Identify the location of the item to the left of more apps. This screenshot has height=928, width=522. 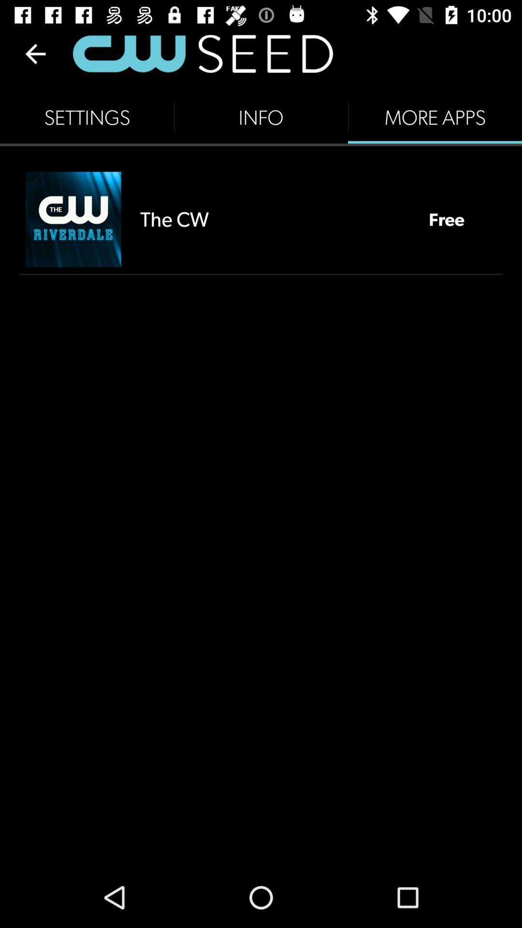
(261, 117).